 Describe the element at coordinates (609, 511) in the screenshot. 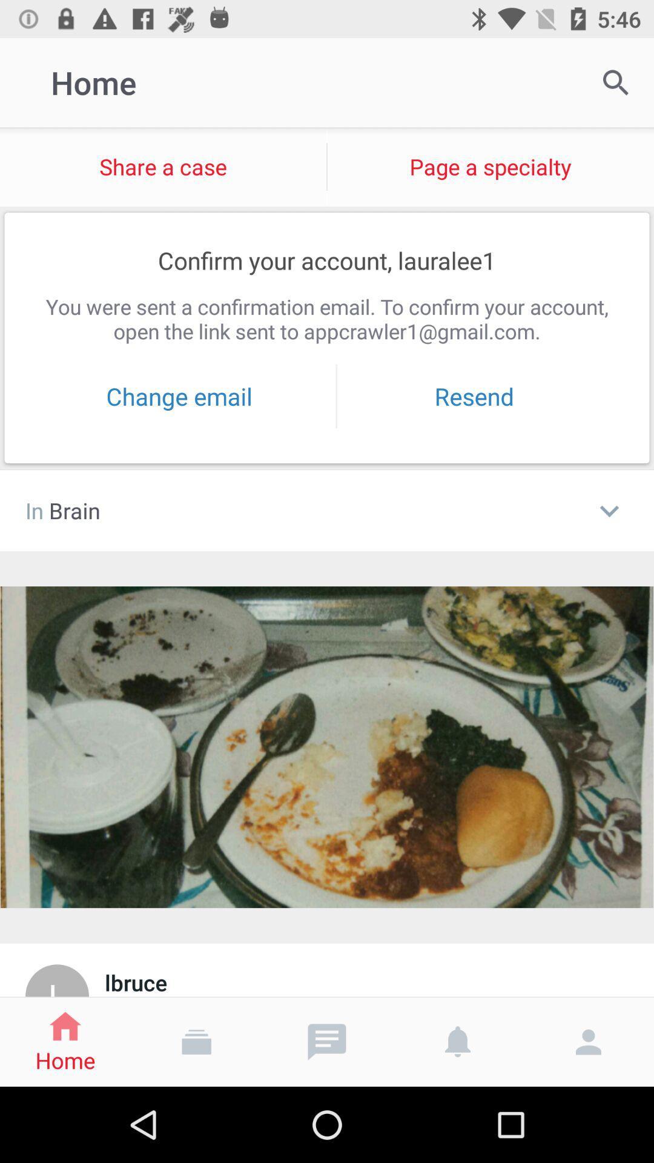

I see `item below resend icon` at that location.